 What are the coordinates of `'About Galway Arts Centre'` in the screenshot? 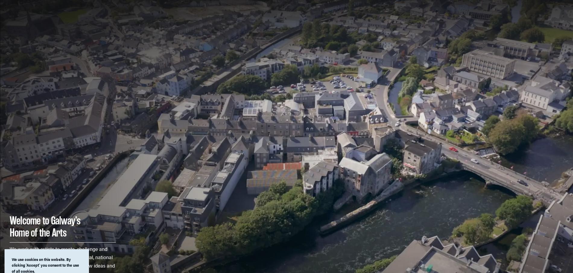 It's located at (442, 7).